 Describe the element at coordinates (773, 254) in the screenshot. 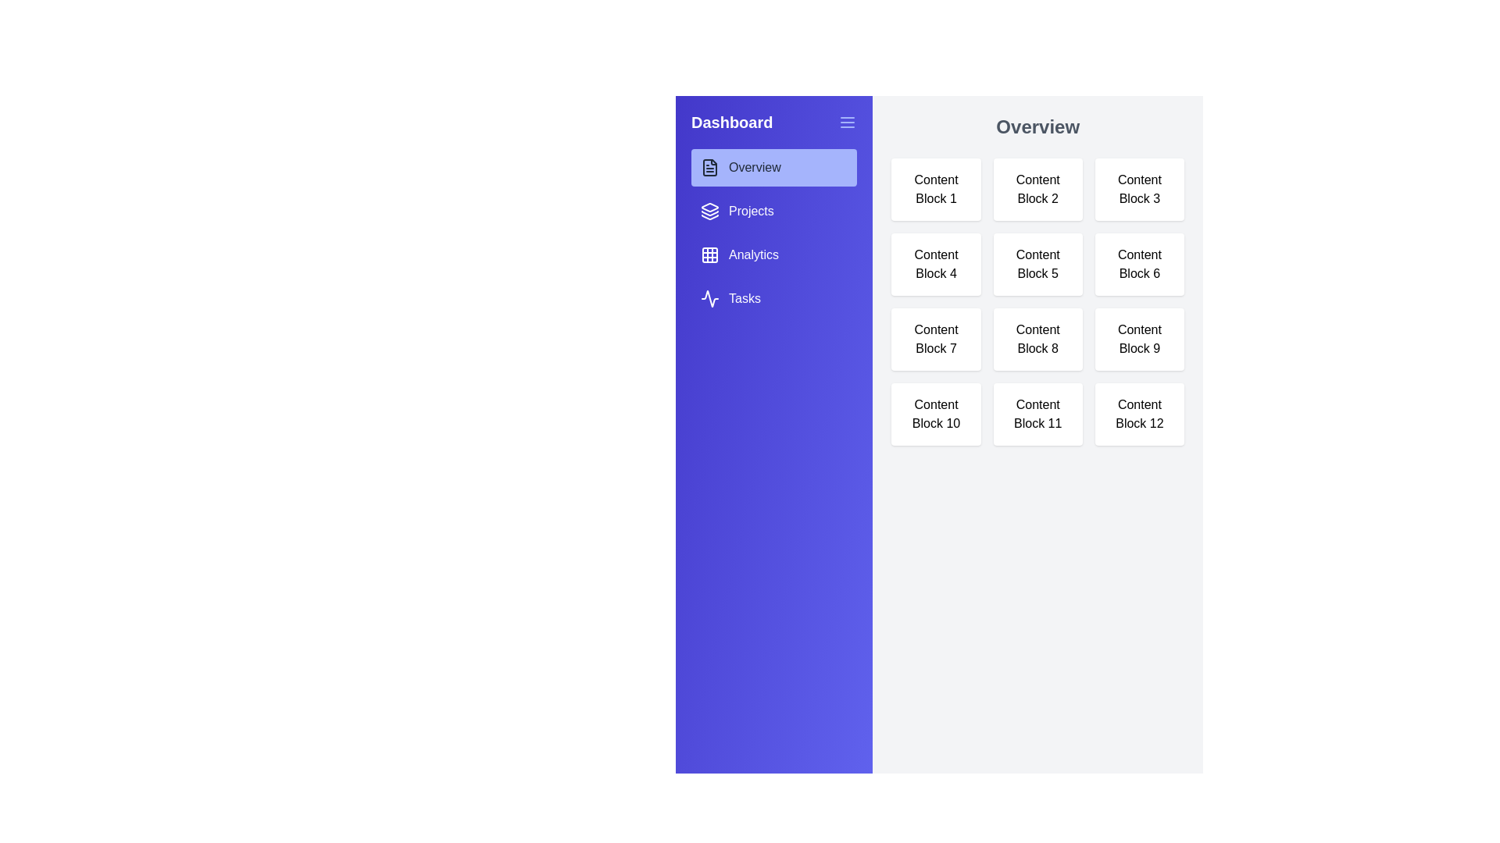

I see `the tab Analytics from the sidebar menu` at that location.